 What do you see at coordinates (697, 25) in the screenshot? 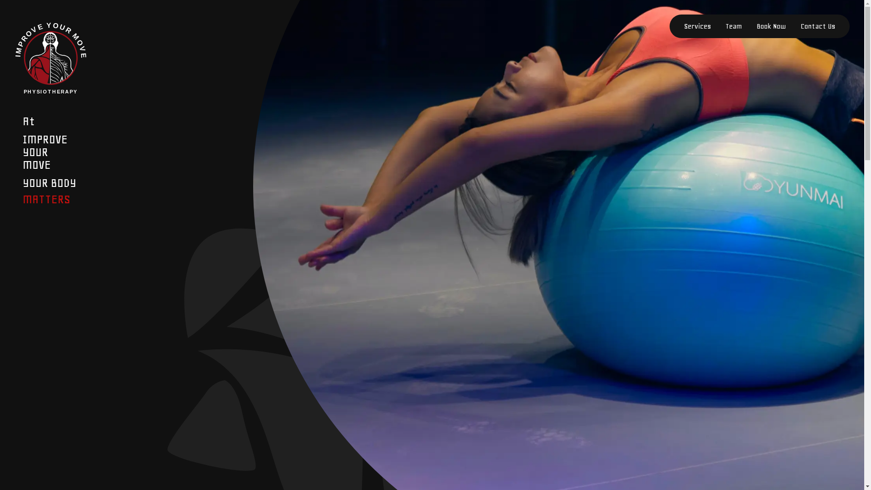
I see `'Services'` at bounding box center [697, 25].